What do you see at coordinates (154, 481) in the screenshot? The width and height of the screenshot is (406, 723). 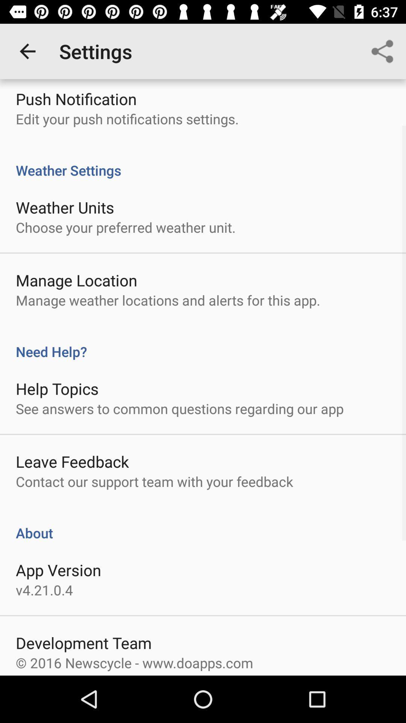 I see `contact our support icon` at bounding box center [154, 481].